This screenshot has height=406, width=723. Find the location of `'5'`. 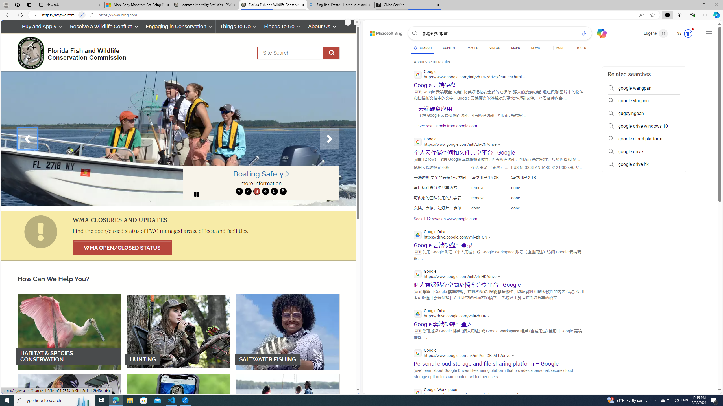

'5' is located at coordinates (274, 191).